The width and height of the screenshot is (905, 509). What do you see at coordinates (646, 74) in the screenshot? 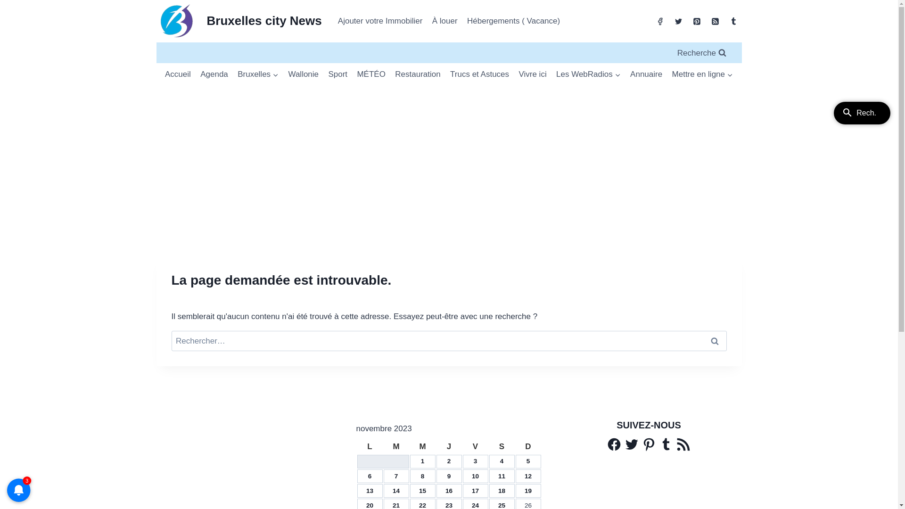
I see `'Annuaire'` at bounding box center [646, 74].